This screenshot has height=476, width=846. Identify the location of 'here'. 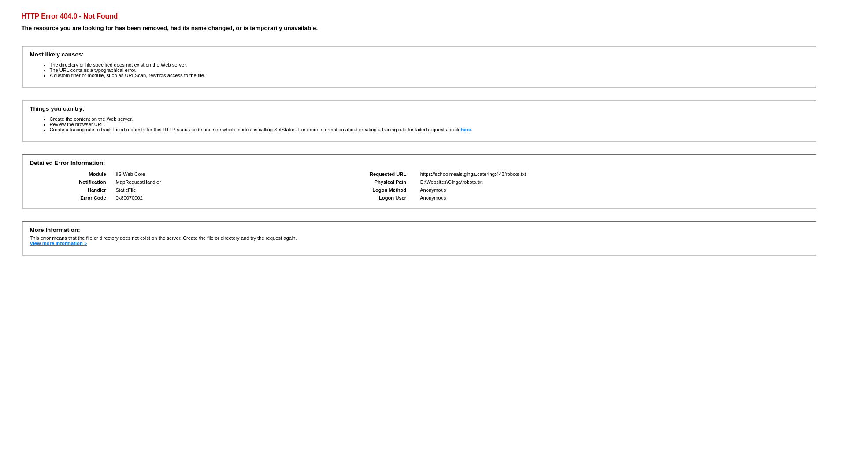
(465, 129).